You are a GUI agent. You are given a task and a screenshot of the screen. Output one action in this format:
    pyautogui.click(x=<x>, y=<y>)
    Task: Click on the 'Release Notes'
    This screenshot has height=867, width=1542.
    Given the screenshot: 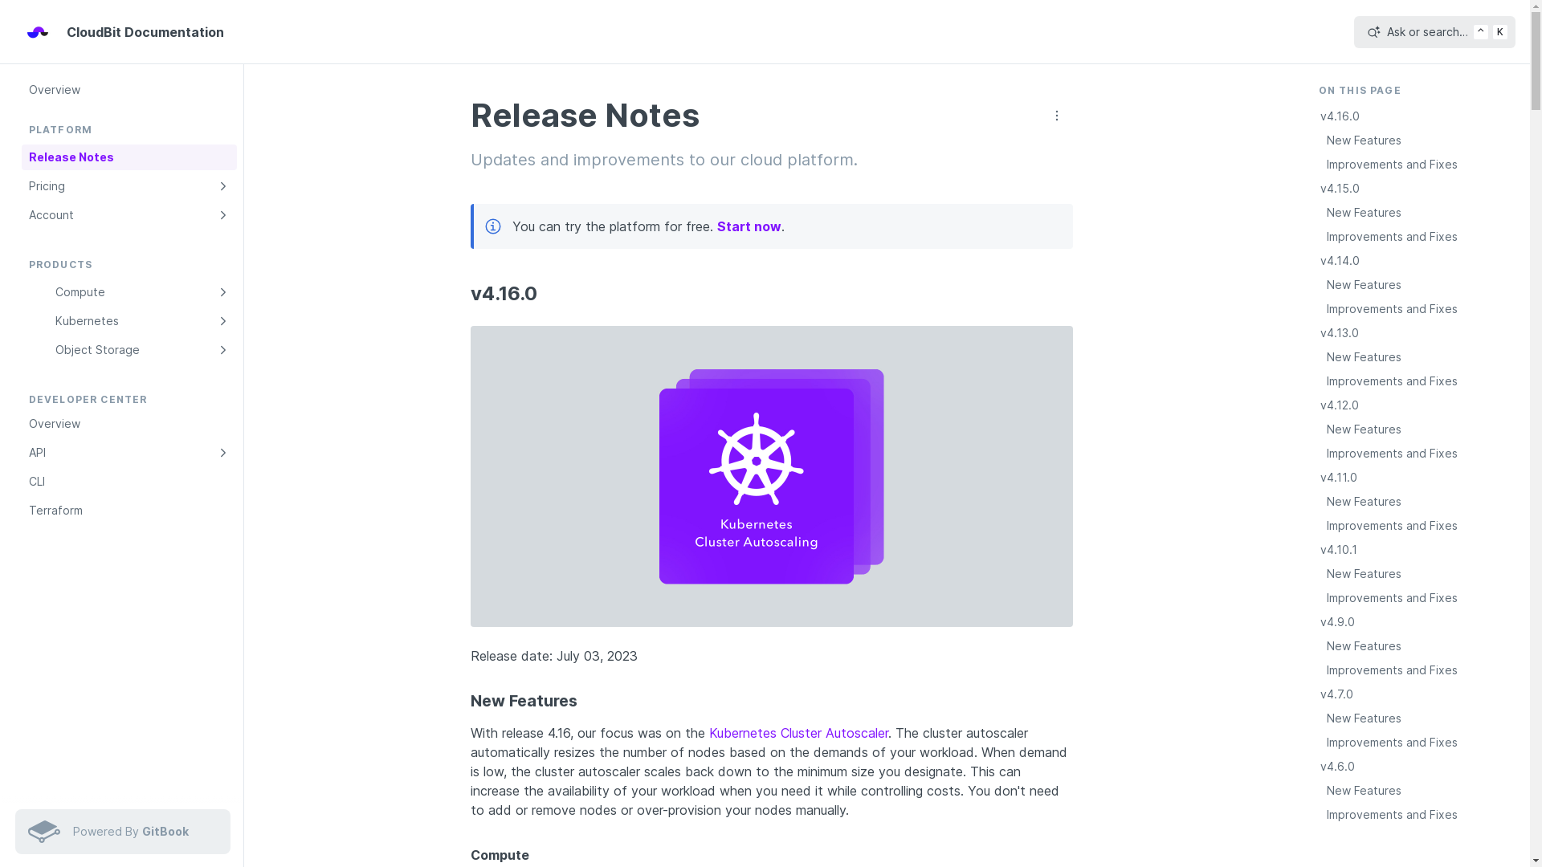 What is the action you would take?
    pyautogui.click(x=127, y=157)
    